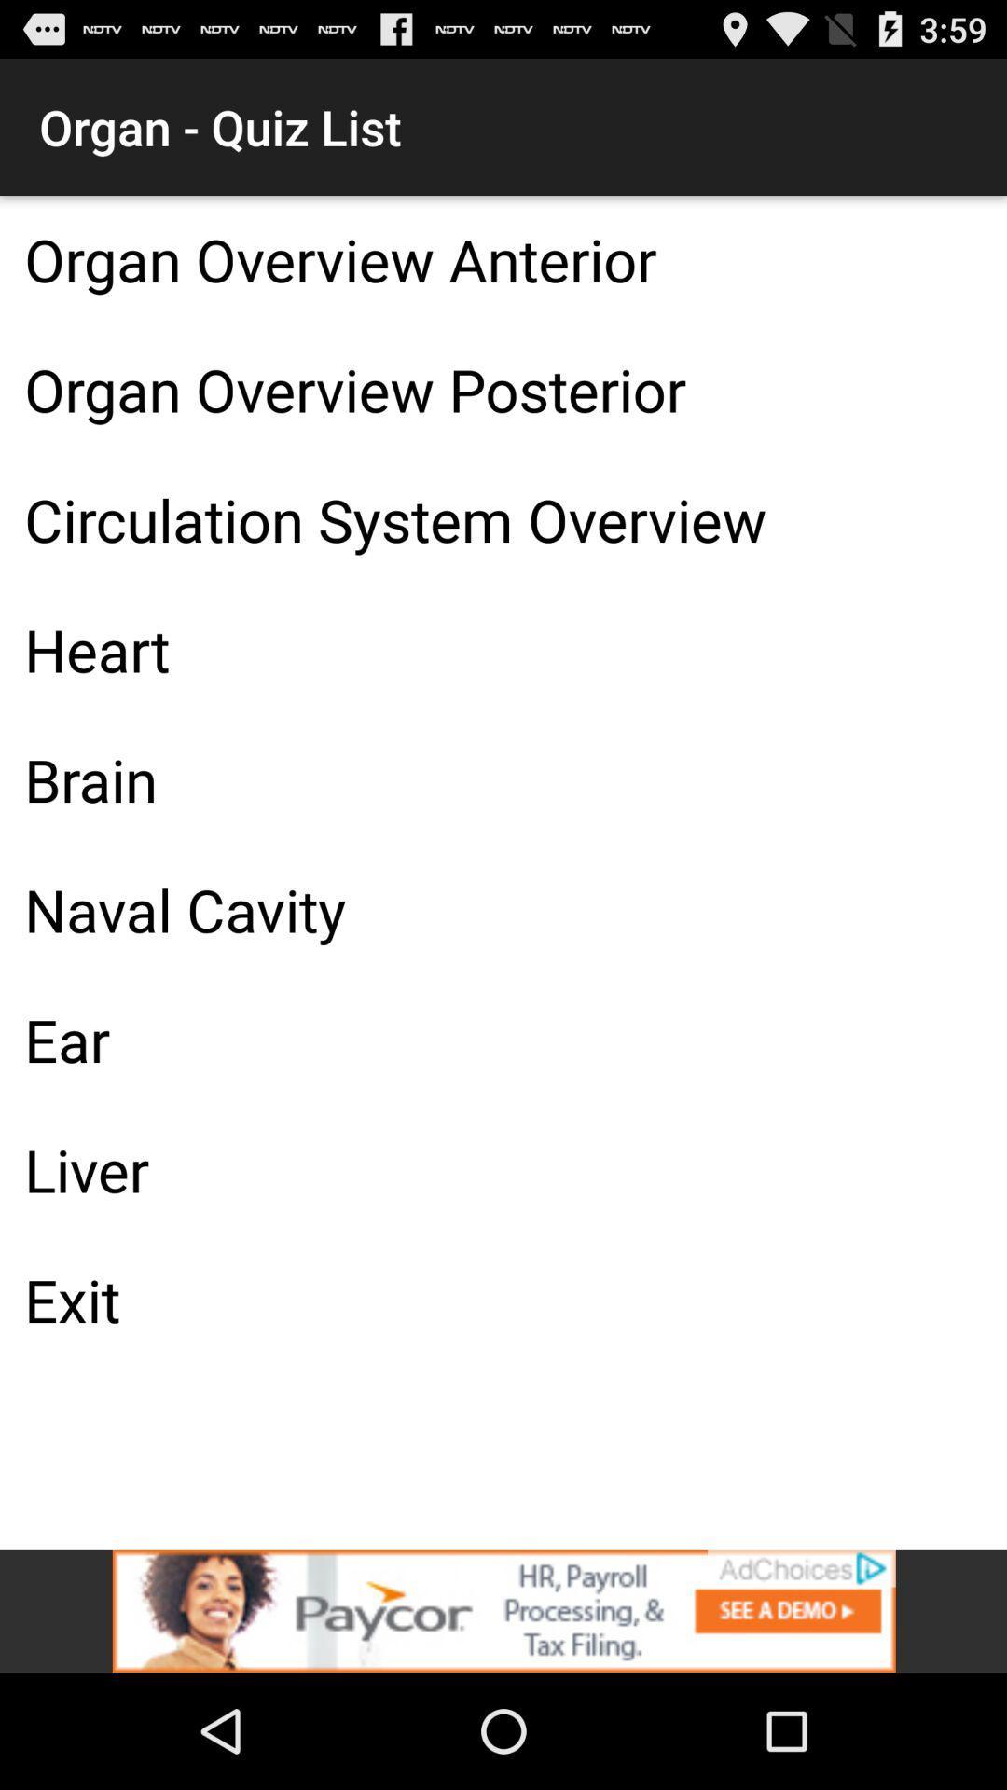 This screenshot has height=1790, width=1007. Describe the element at coordinates (504, 1610) in the screenshot. I see `advertisement` at that location.